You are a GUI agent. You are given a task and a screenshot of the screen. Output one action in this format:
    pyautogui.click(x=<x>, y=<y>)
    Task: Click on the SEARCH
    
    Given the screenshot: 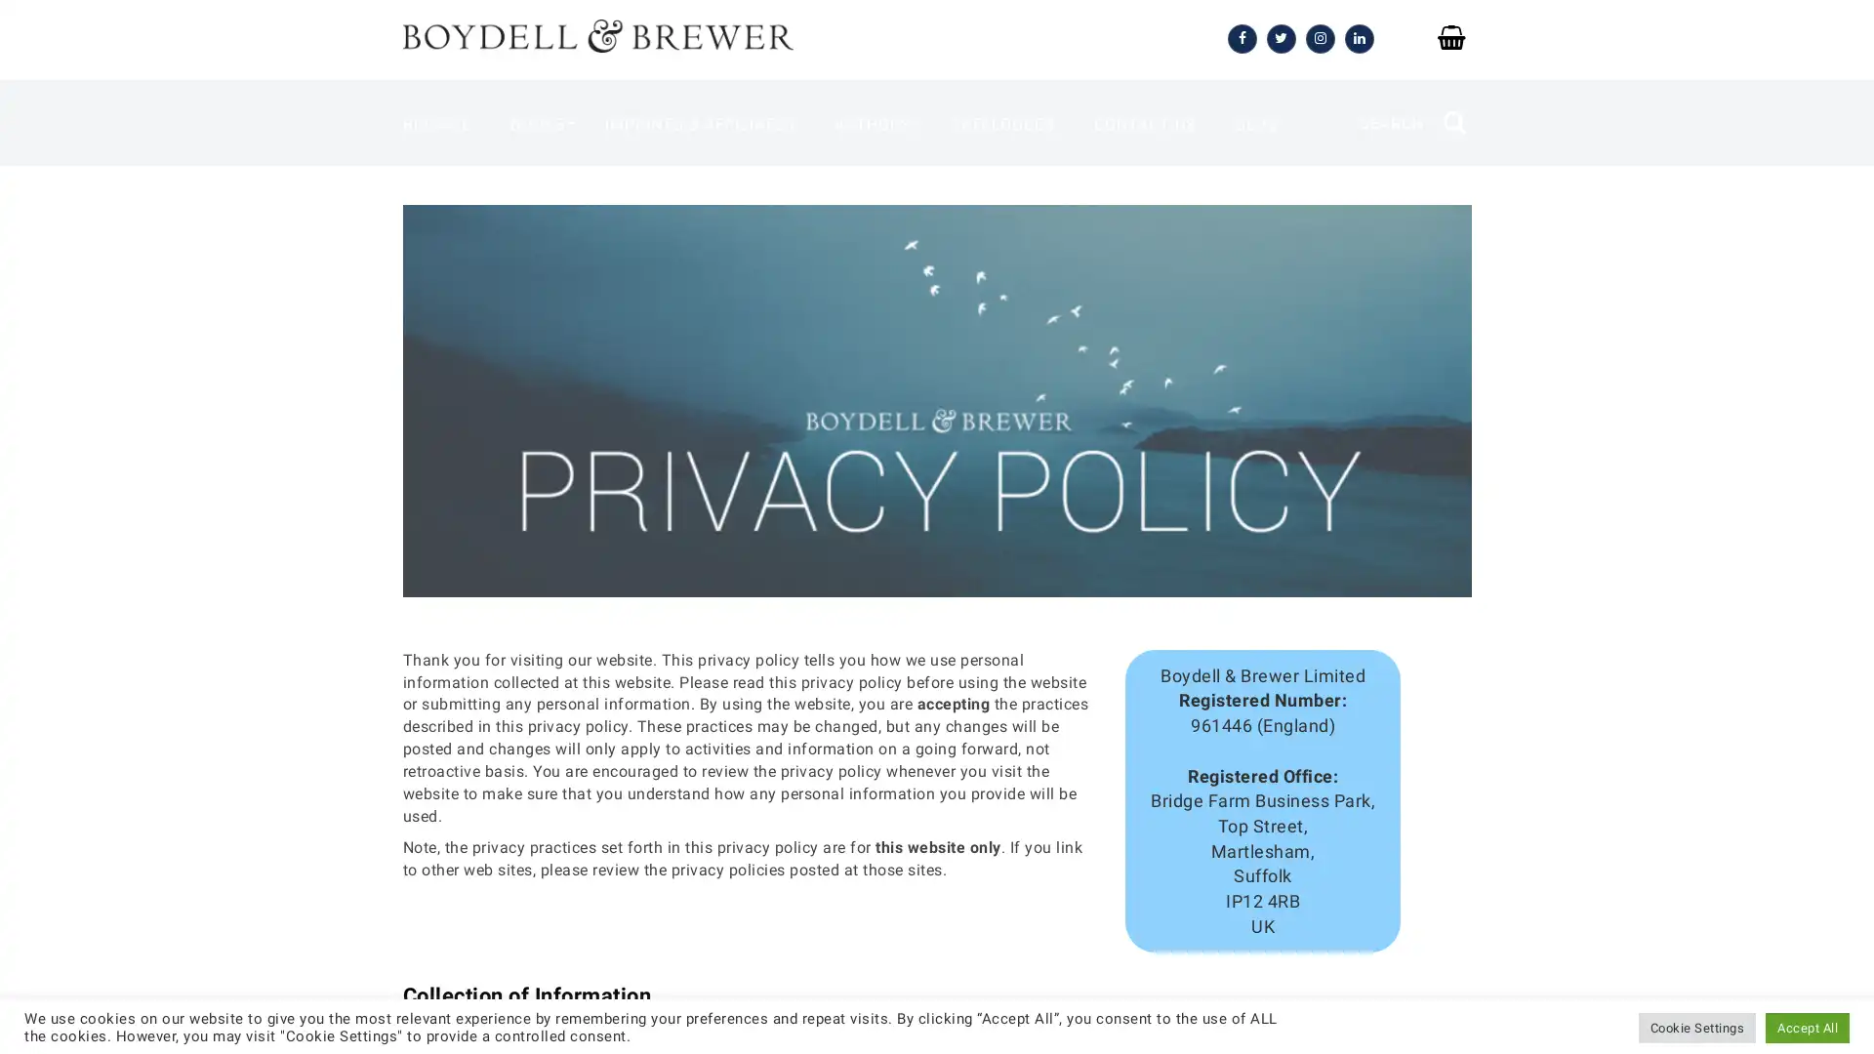 What is the action you would take?
    pyautogui.click(x=1414, y=108)
    